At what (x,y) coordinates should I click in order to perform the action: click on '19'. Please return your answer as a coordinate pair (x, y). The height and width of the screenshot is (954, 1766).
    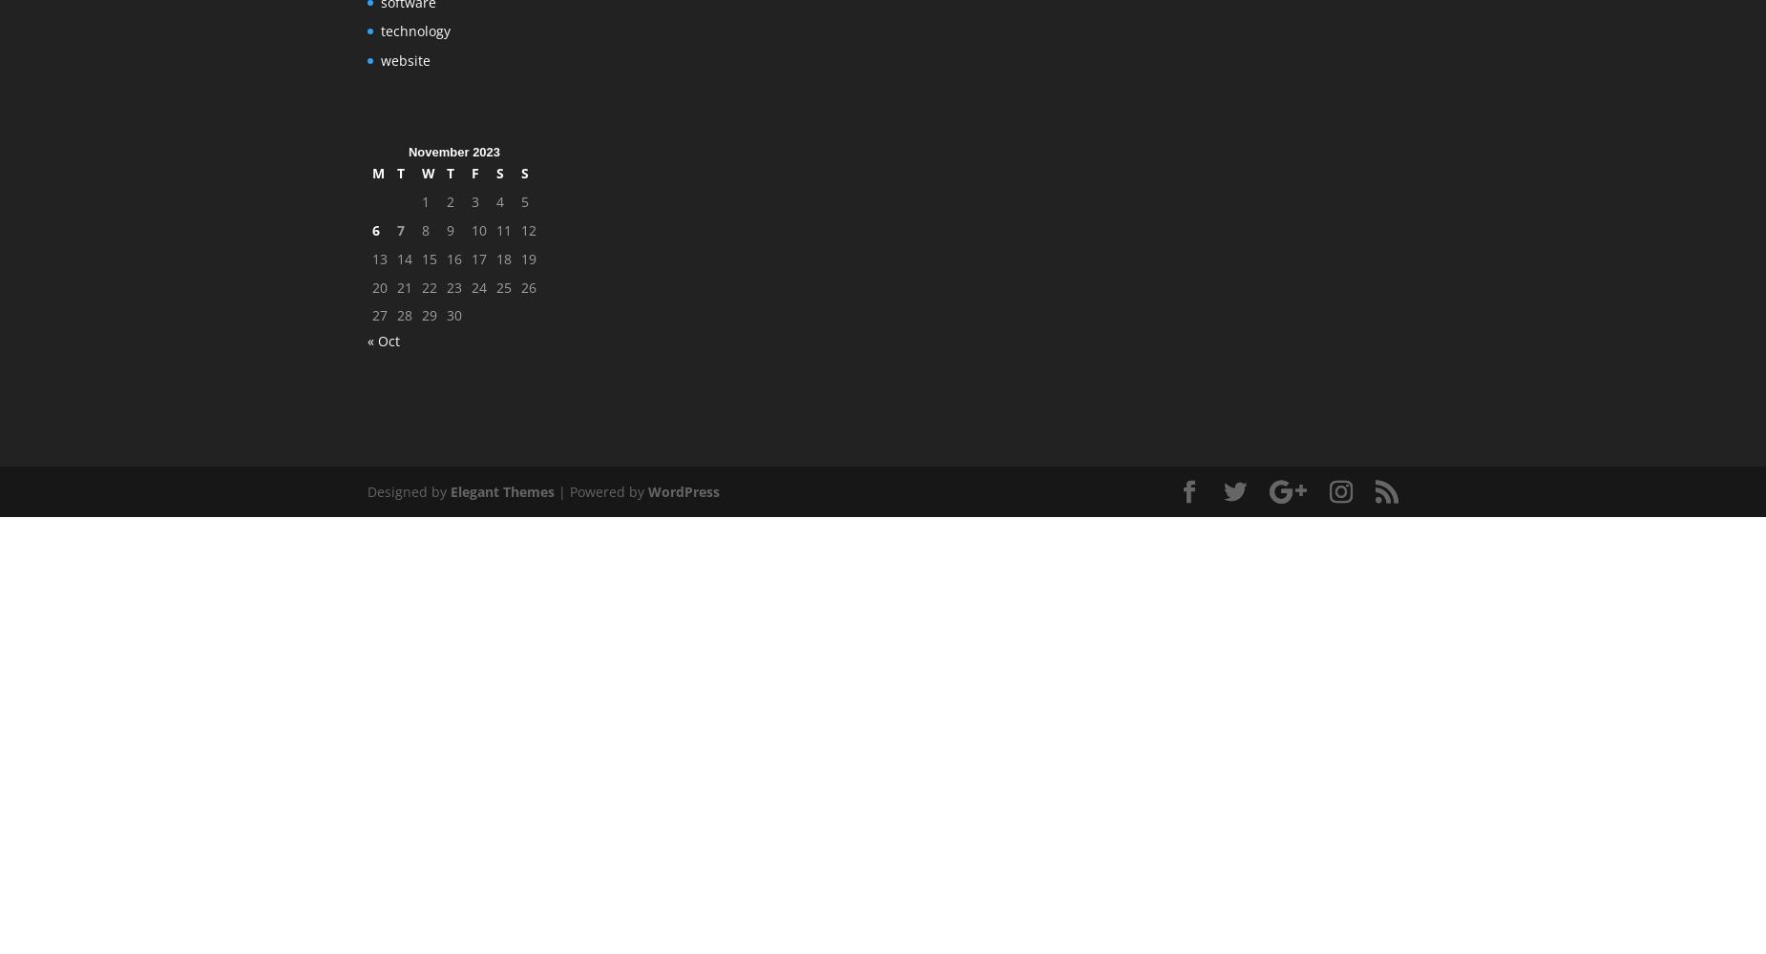
    Looking at the image, I should click on (520, 258).